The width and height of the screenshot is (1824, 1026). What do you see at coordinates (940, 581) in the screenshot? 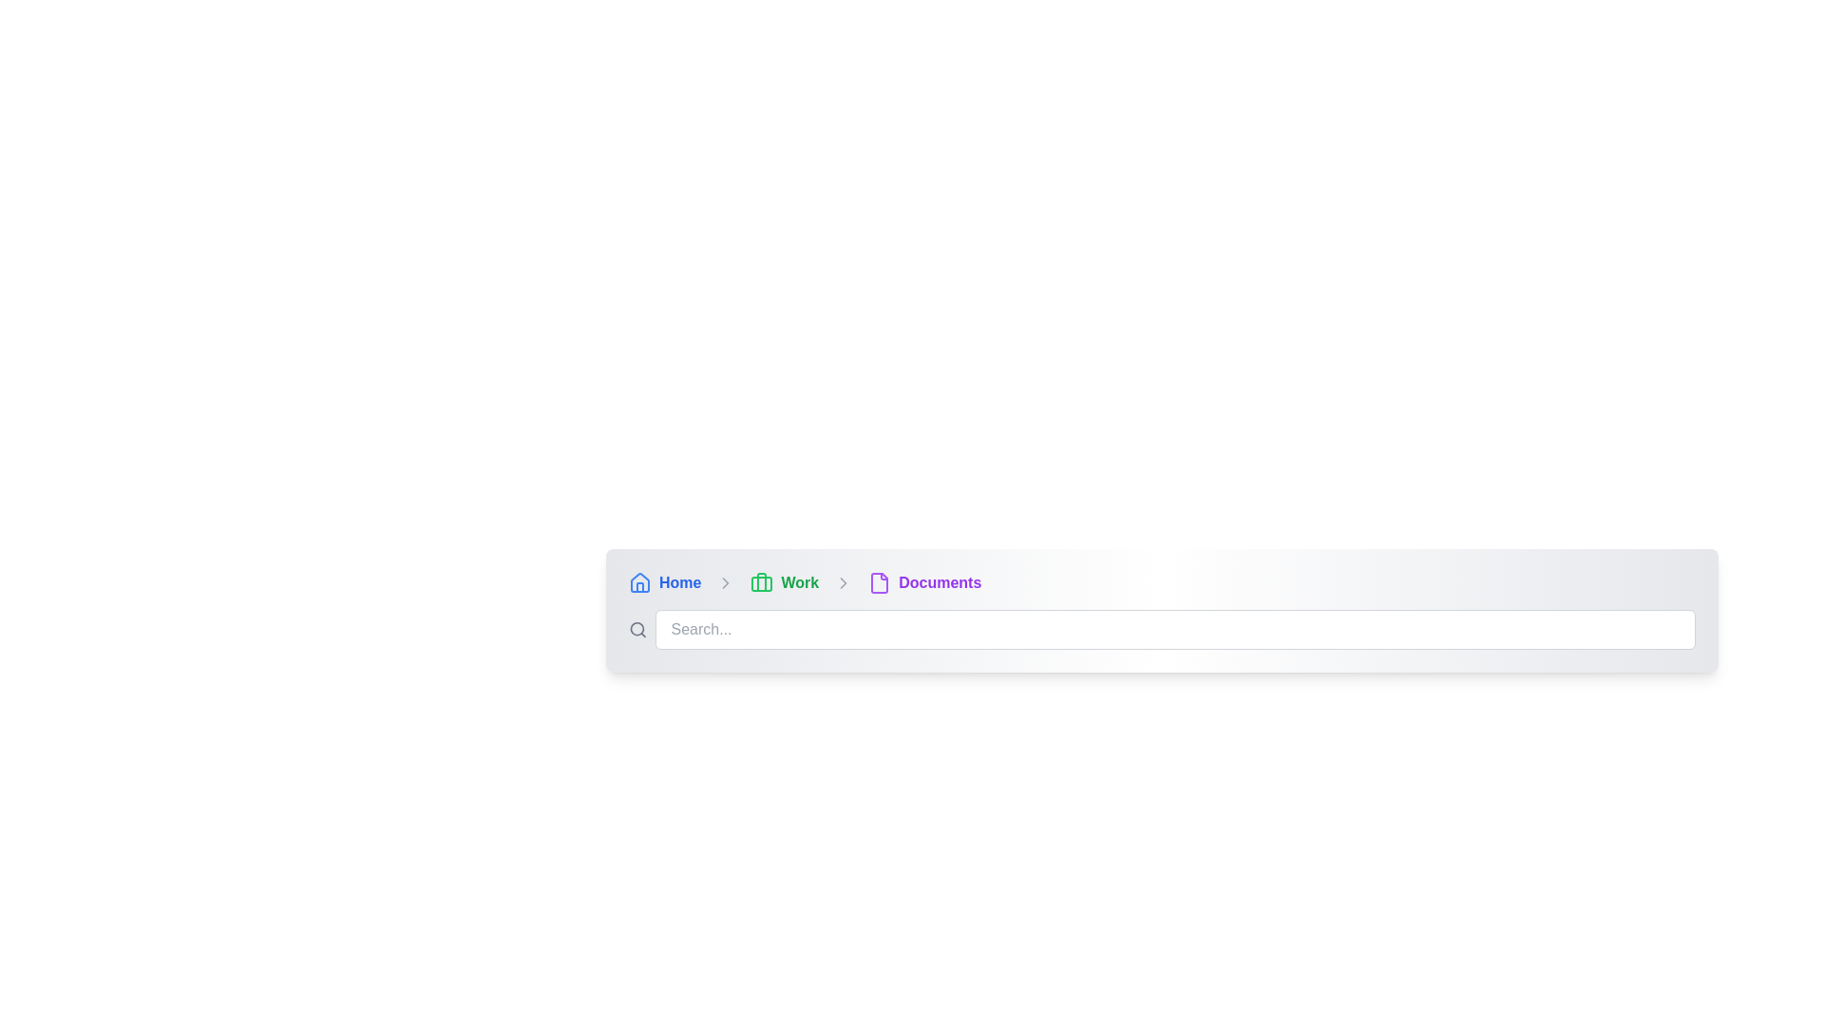
I see `the 'Documents' text label, which is styled in a bold purple font and is part of a breadcrumb navigation bar, located near the right side of the bar` at bounding box center [940, 581].